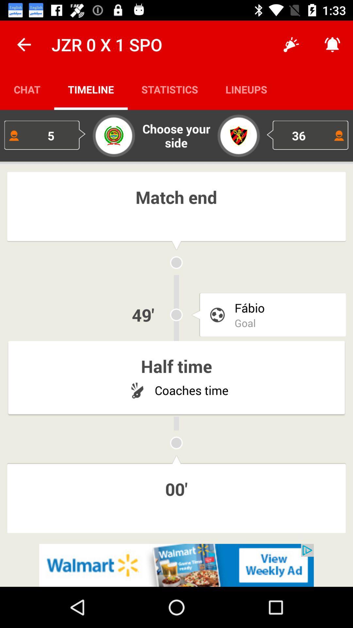  I want to click on advertisement, so click(176, 565).